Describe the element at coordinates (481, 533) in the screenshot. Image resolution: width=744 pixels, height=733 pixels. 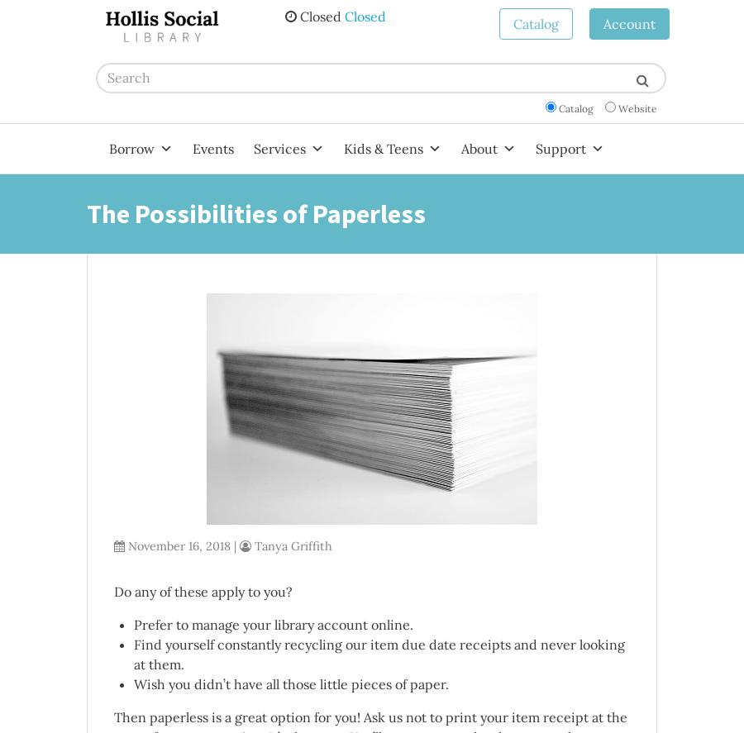
I see `'Contact'` at that location.